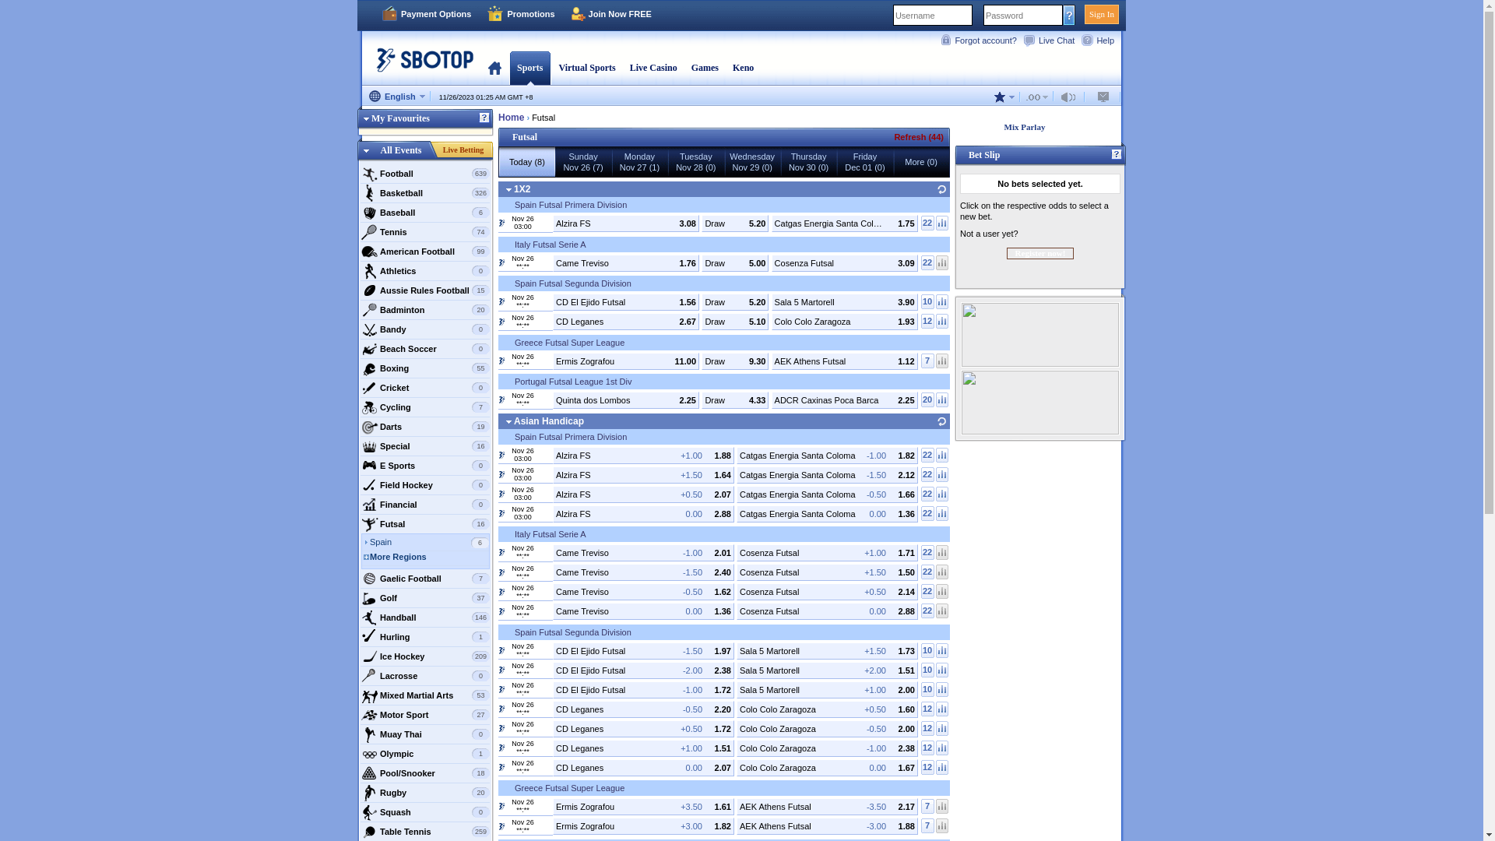 The height and width of the screenshot is (841, 1495). What do you see at coordinates (425, 772) in the screenshot?
I see `'Pool/Snooker` at bounding box center [425, 772].